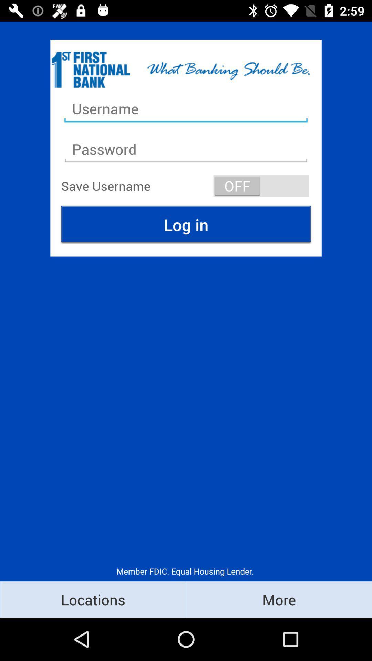 Image resolution: width=372 pixels, height=661 pixels. Describe the element at coordinates (186, 224) in the screenshot. I see `the log in icon` at that location.